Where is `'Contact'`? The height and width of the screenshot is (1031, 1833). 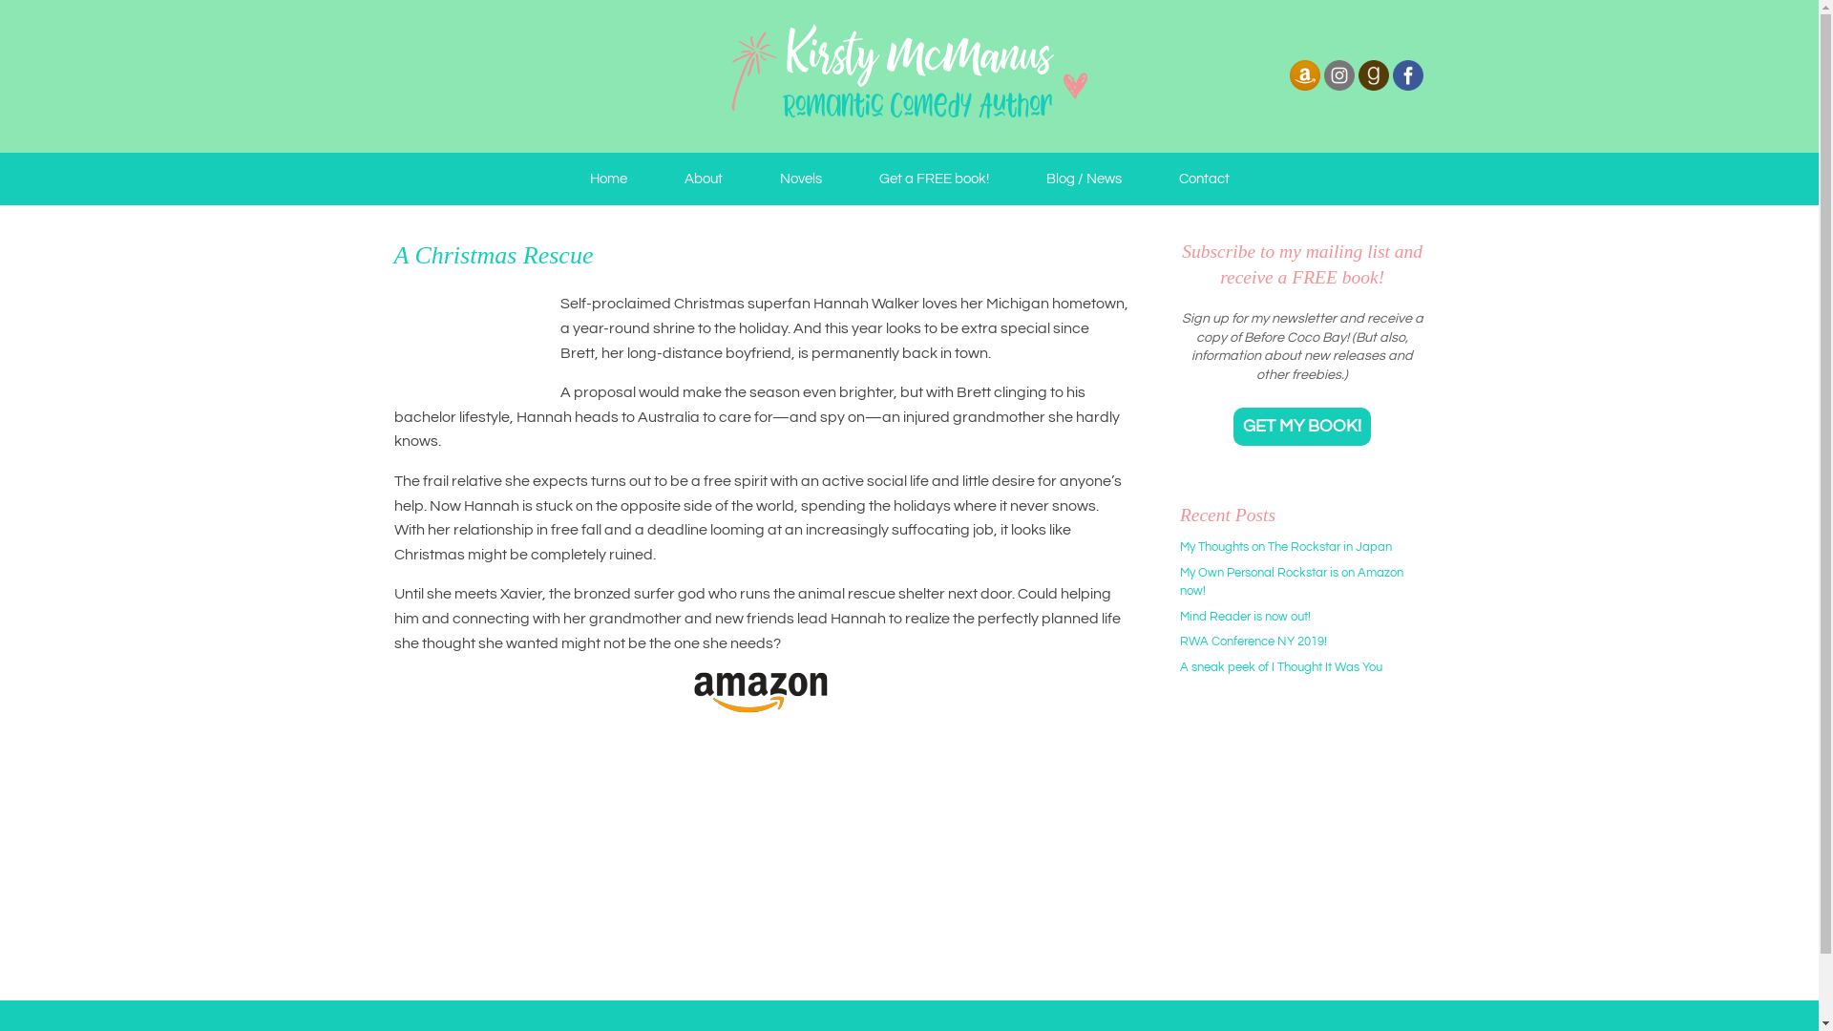 'Contact' is located at coordinates (1202, 179).